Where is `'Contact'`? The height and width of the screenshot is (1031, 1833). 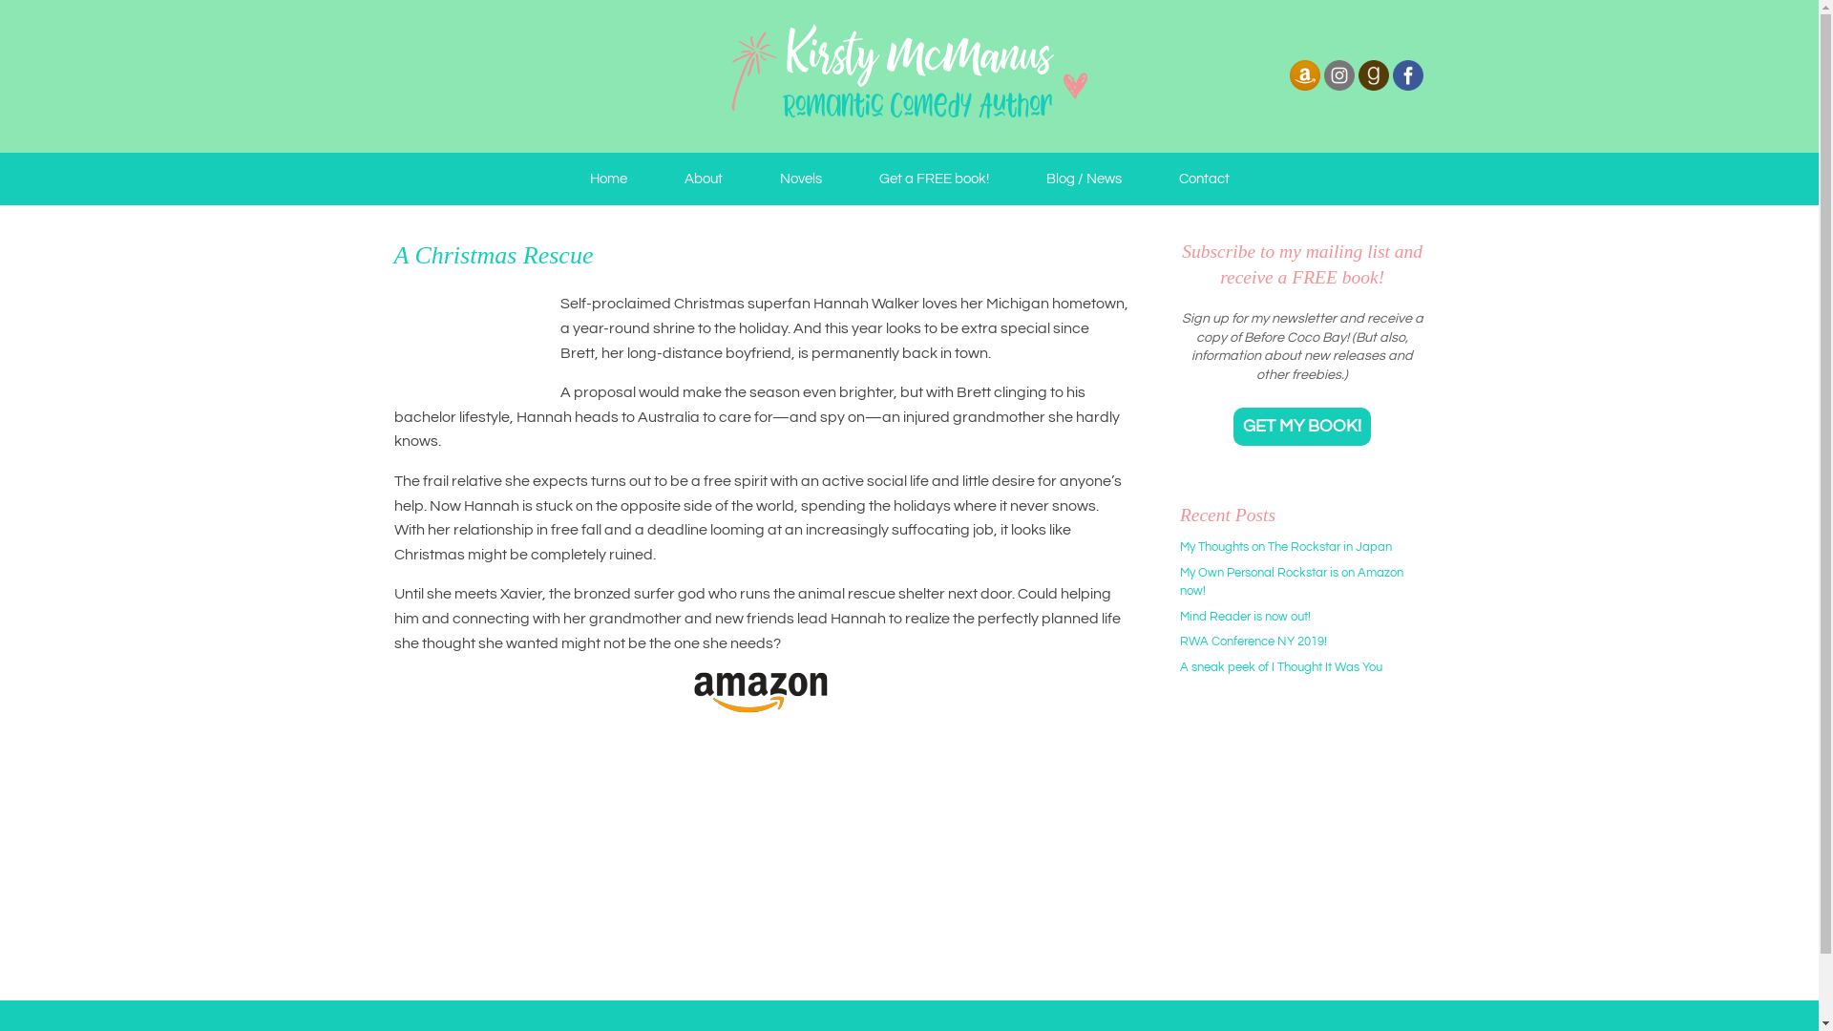 'Contact' is located at coordinates (1202, 179).